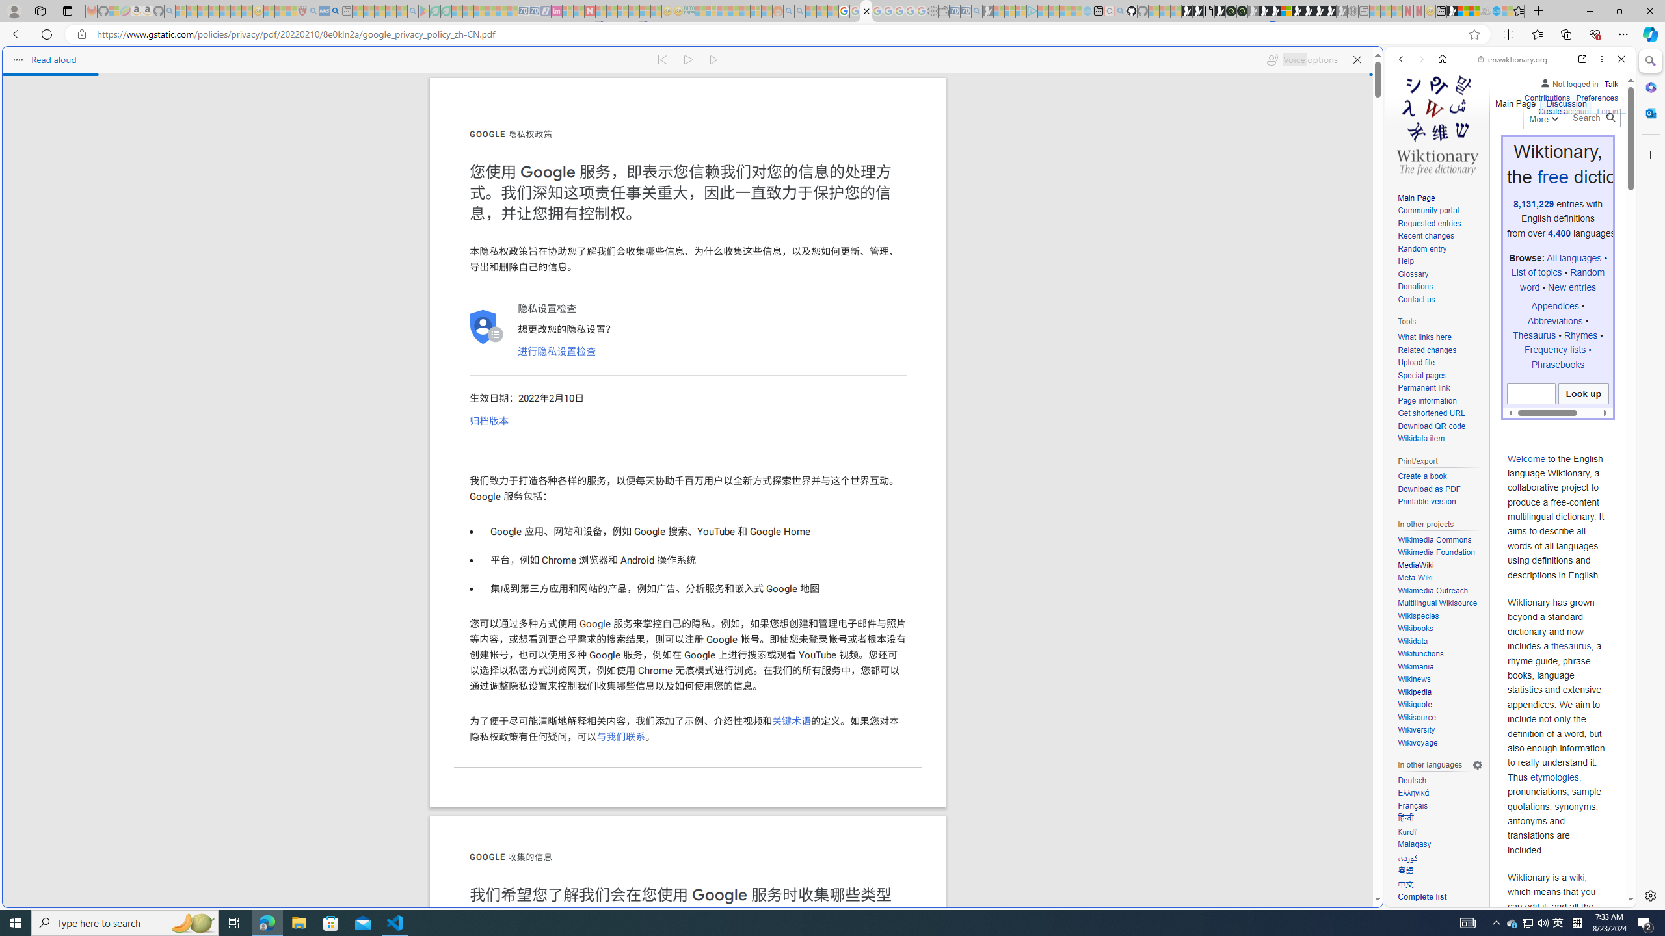 The width and height of the screenshot is (1665, 936). I want to click on 'What links here', so click(1439, 337).